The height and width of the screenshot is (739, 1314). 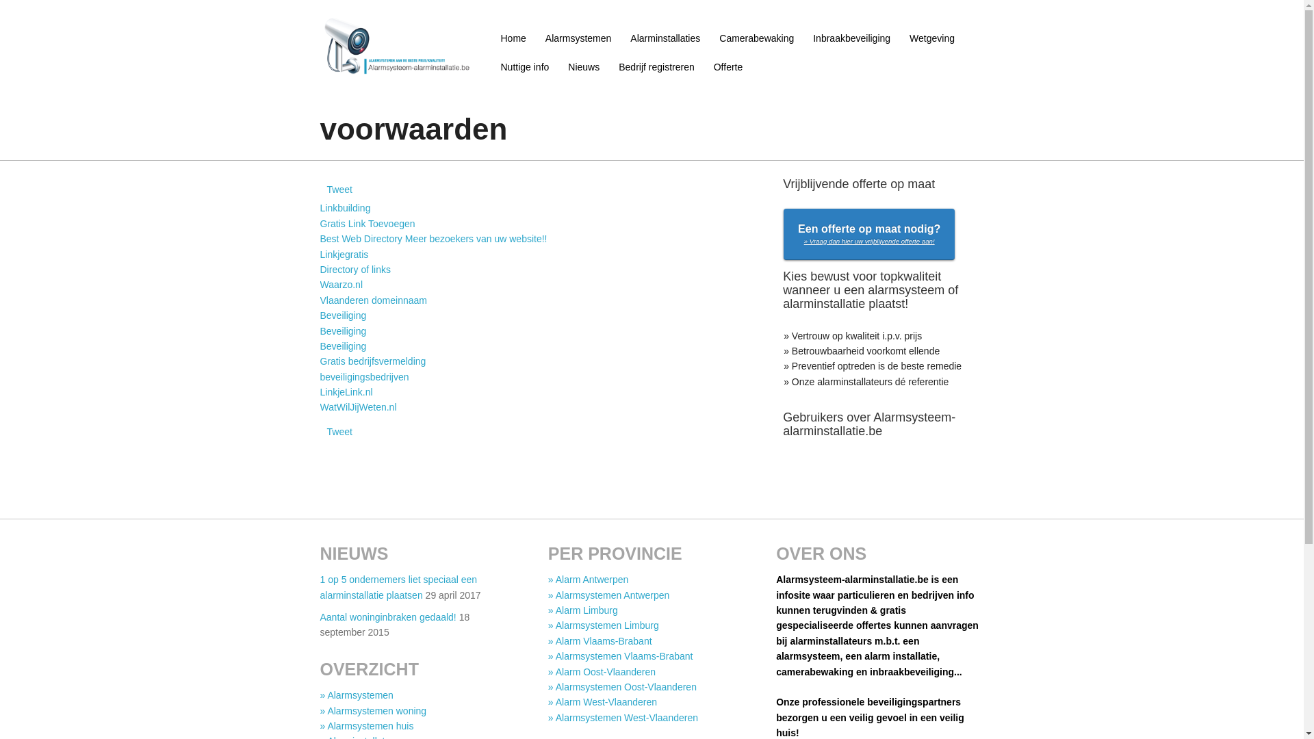 I want to click on 'Vlaanderen domeinnaam', so click(x=374, y=300).